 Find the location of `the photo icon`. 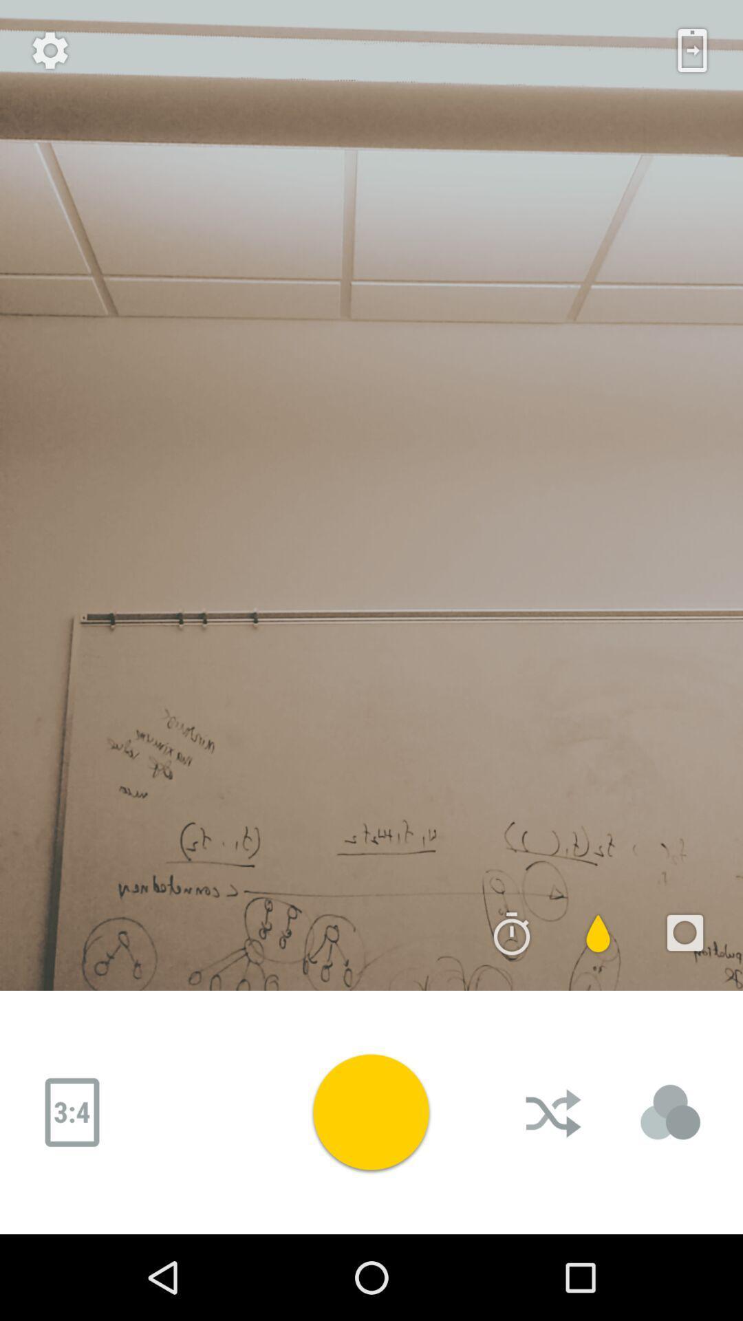

the photo icon is located at coordinates (685, 933).